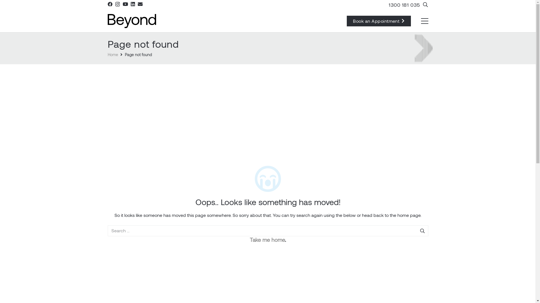 This screenshot has width=540, height=303. I want to click on 'Facebook', so click(280, 245).